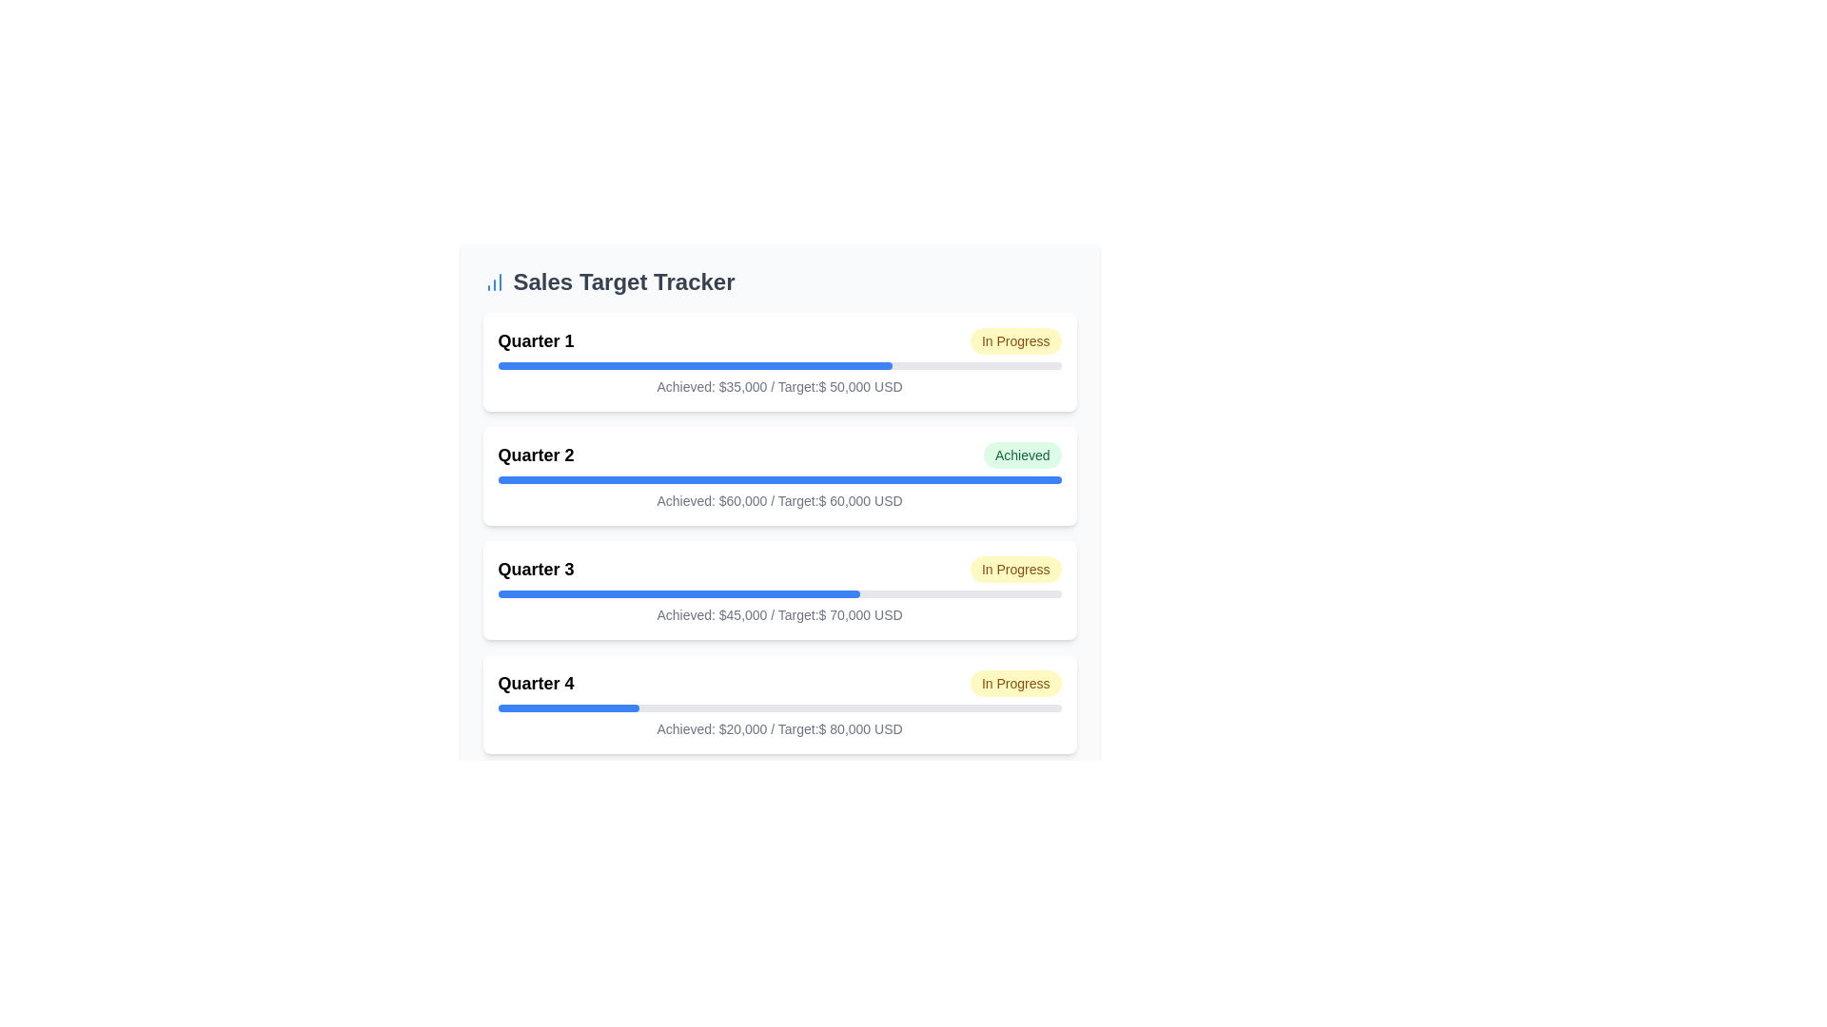 This screenshot has width=1827, height=1027. Describe the element at coordinates (1014, 339) in the screenshot. I see `the non-interactive status label indicating the status of the task for 'Quarter 1', which is located to the right of the 'Quarter 1' section and aligned with a blue progress bar` at that location.